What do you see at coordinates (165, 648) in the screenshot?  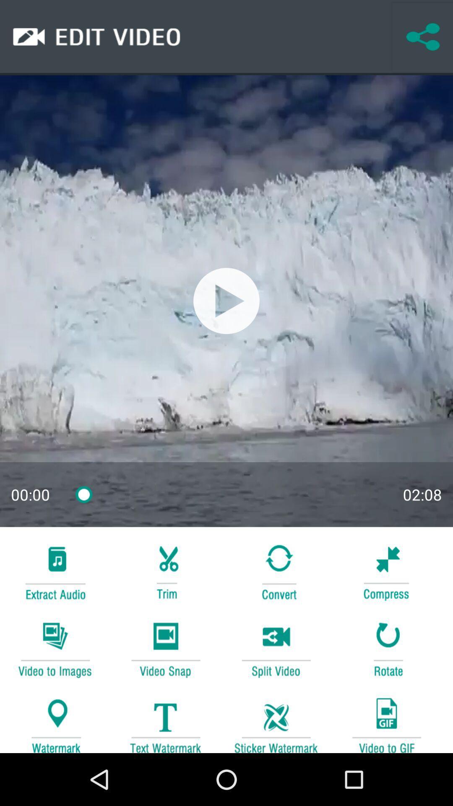 I see `to take snap of a video` at bounding box center [165, 648].